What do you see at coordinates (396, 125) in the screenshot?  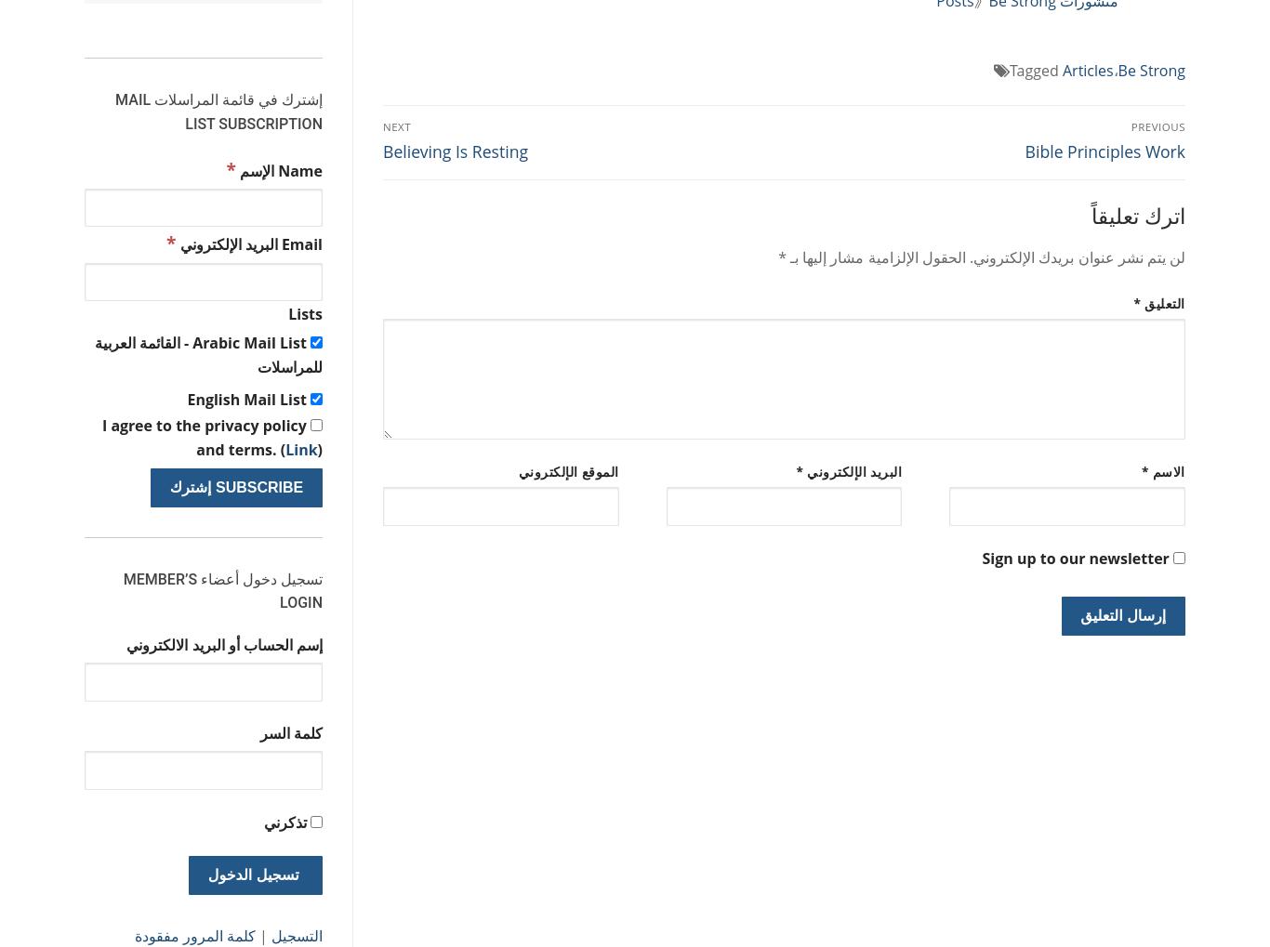 I see `'Next'` at bounding box center [396, 125].